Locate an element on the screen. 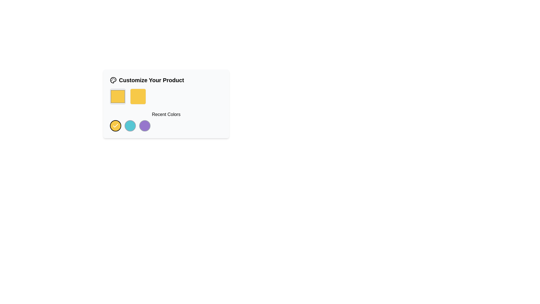 Image resolution: width=540 pixels, height=304 pixels. the circular yellow button with a black outline and a white checkmark icon, located under the 'Recent Colors' label is located at coordinates (115, 126).